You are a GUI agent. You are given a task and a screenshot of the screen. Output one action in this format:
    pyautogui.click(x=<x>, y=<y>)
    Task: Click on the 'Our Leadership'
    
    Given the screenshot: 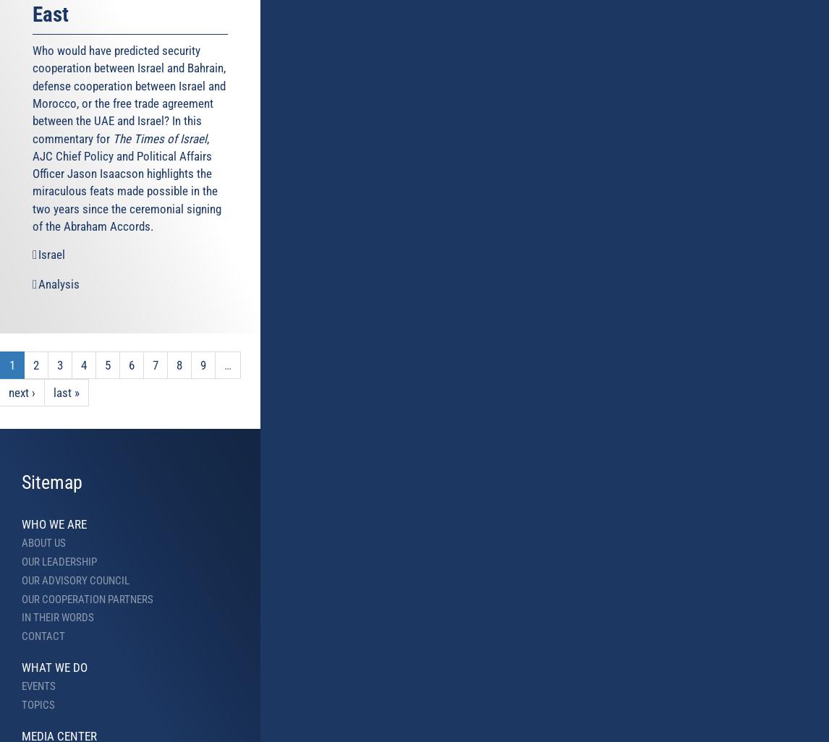 What is the action you would take?
    pyautogui.click(x=22, y=560)
    